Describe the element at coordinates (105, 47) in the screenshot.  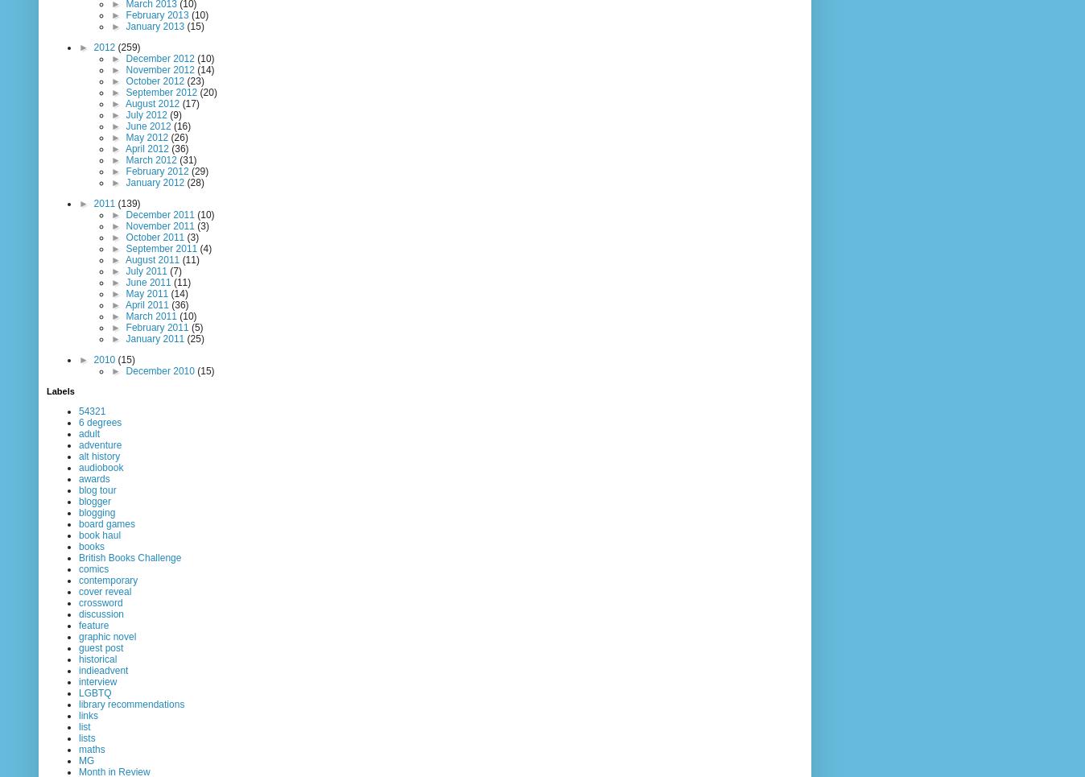
I see `'2012'` at that location.